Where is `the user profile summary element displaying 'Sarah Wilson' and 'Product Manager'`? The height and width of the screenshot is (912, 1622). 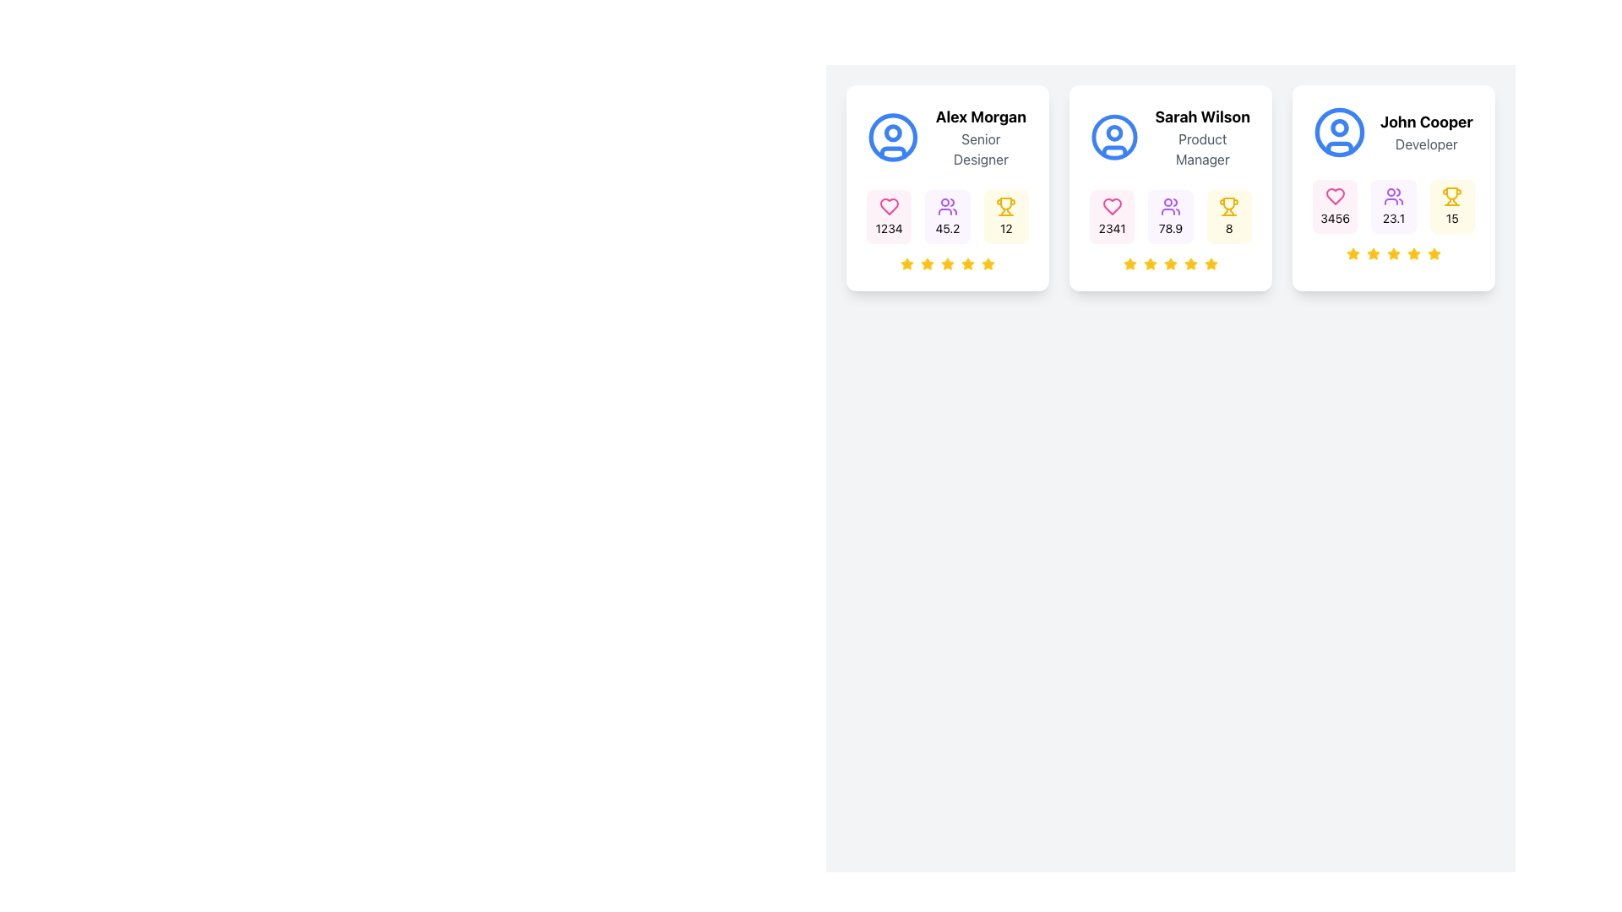
the user profile summary element displaying 'Sarah Wilson' and 'Product Manager' is located at coordinates (1170, 136).